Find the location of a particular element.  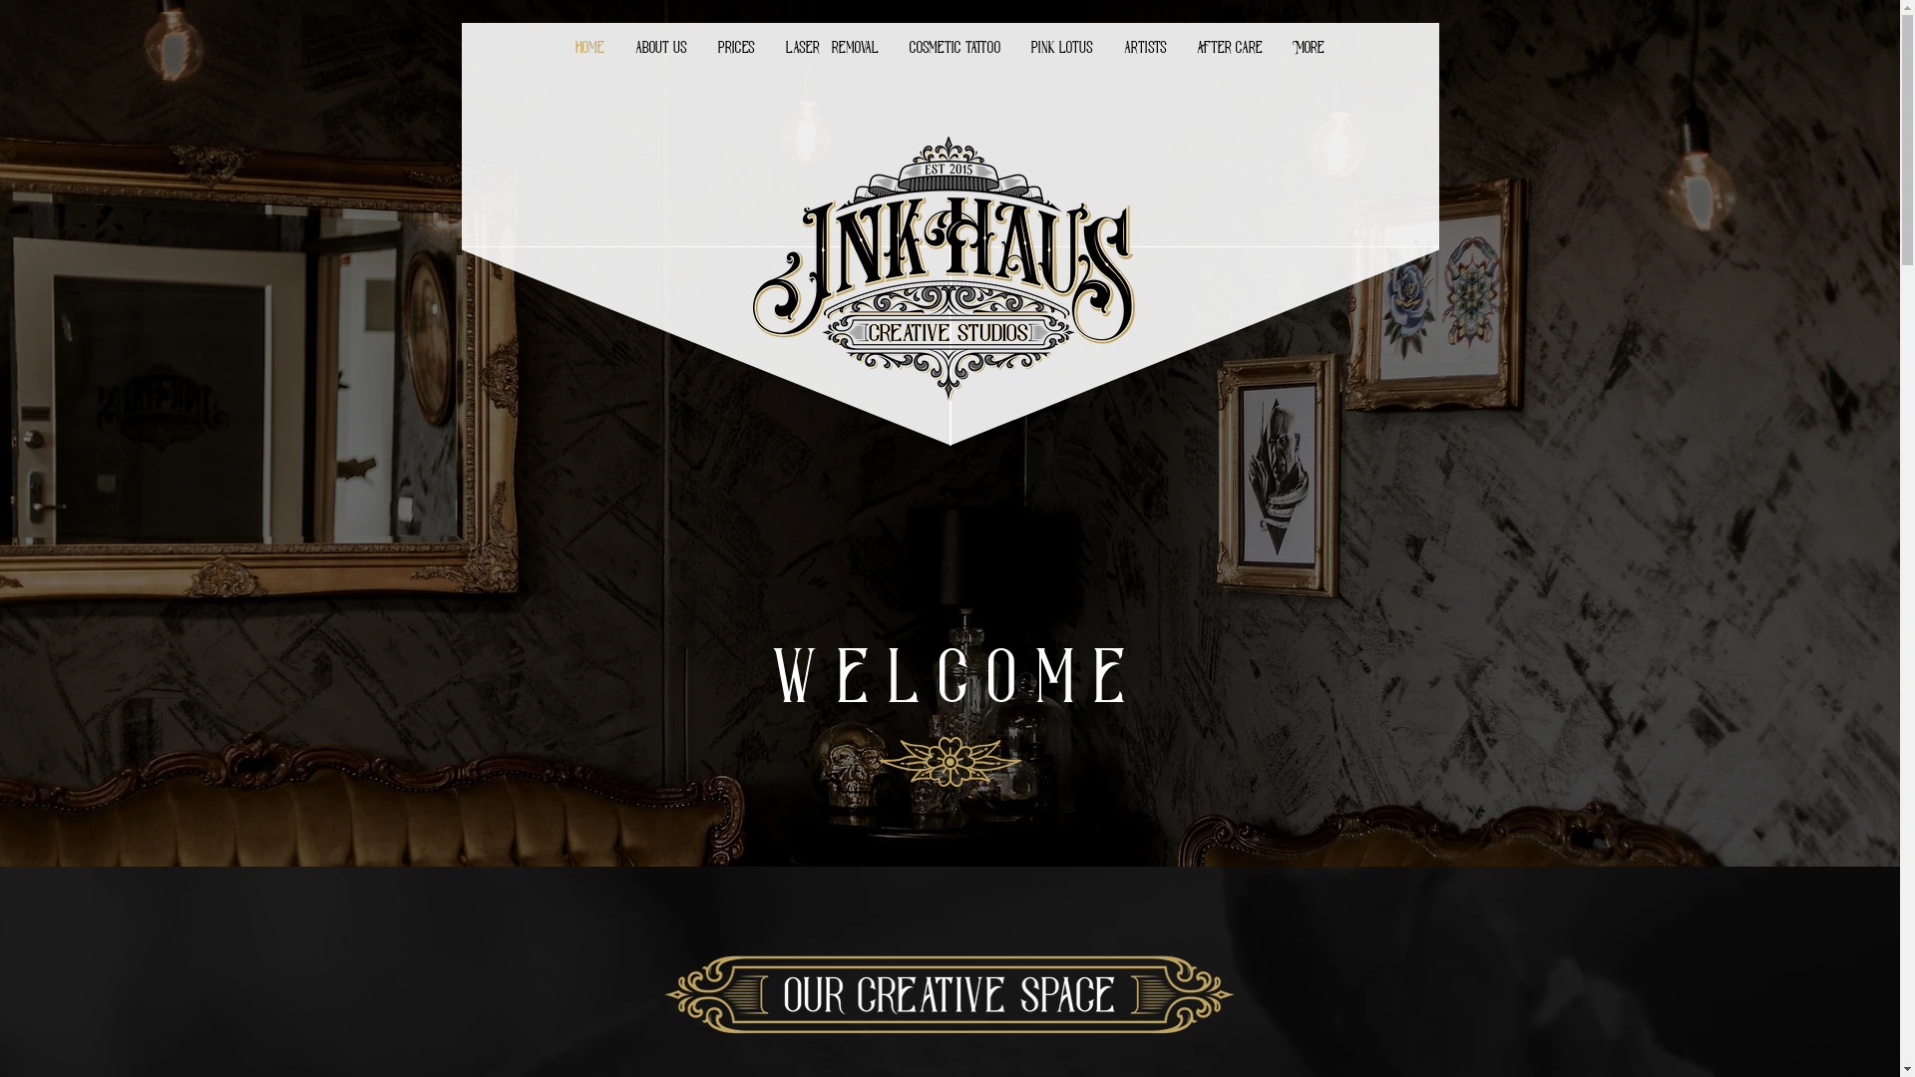

'artists' is located at coordinates (1108, 46).